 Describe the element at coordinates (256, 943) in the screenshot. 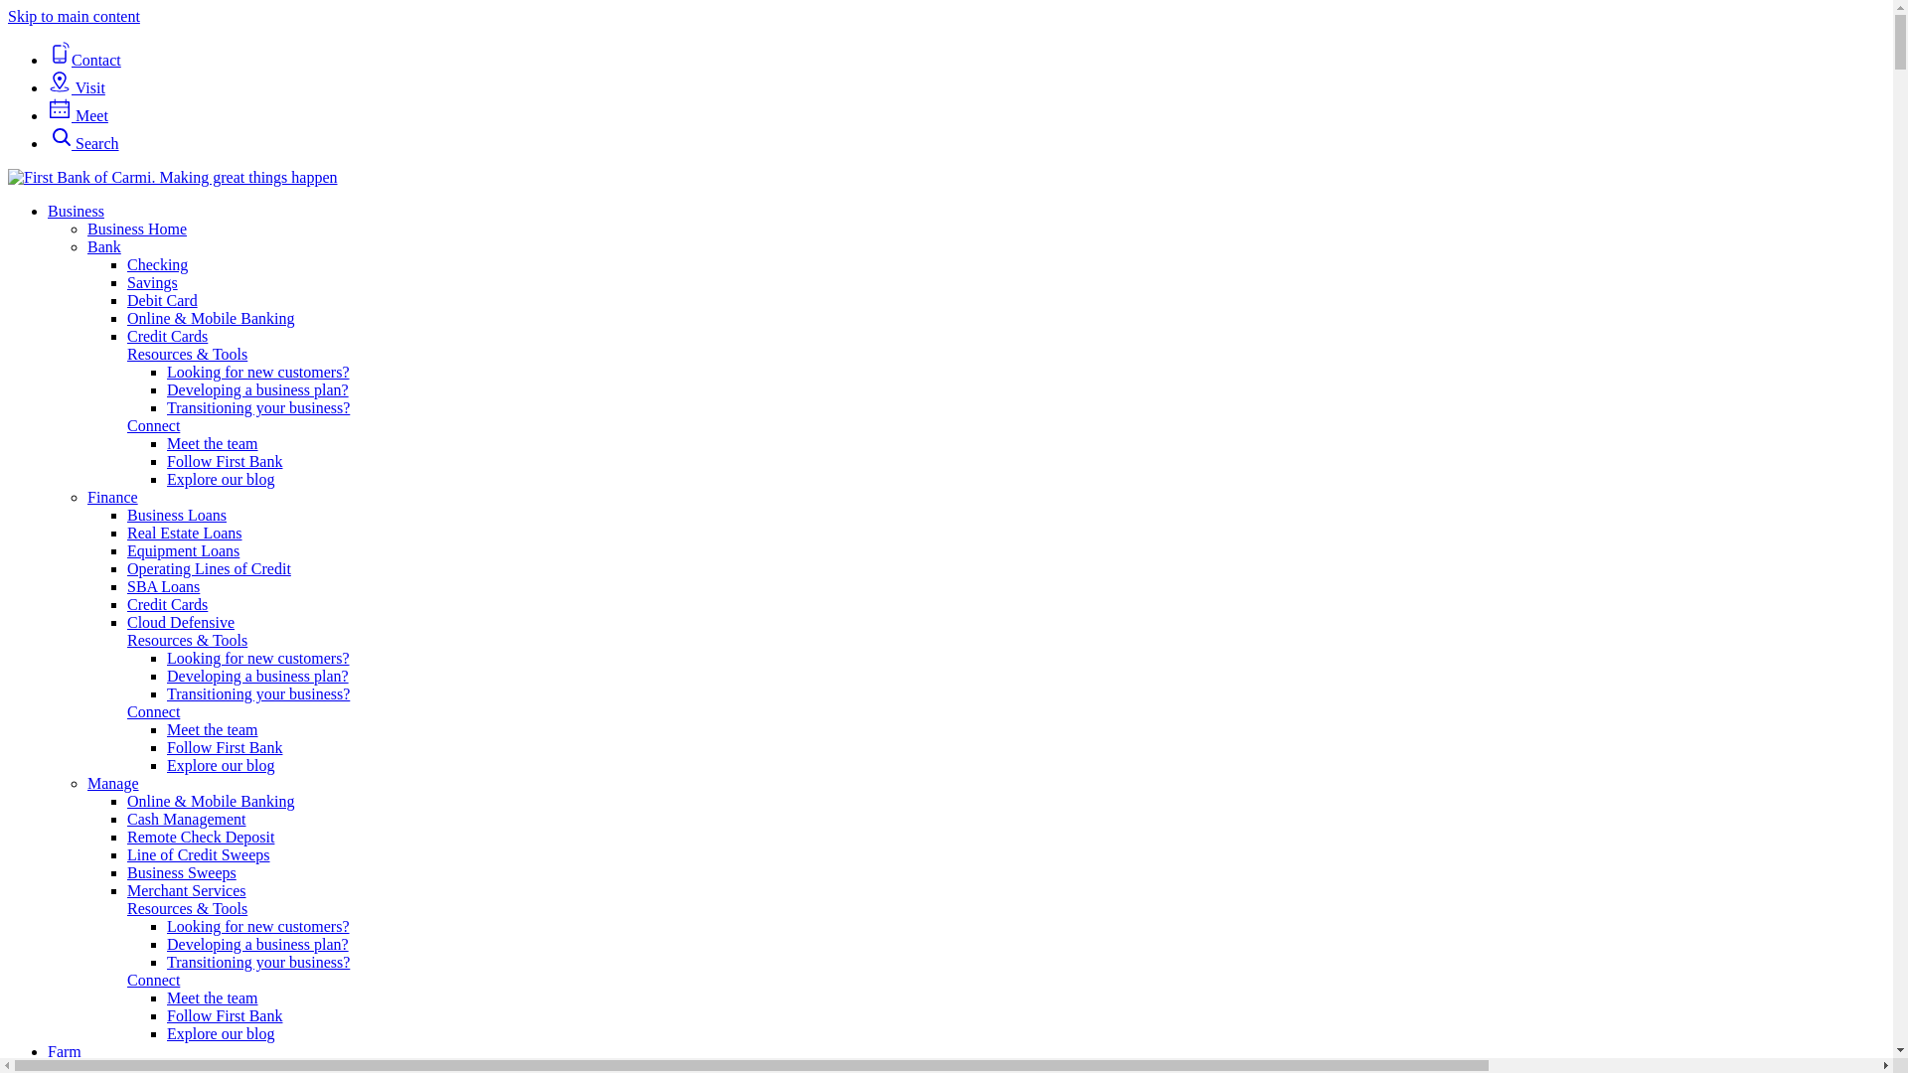

I see `'Developing a business plan?'` at that location.